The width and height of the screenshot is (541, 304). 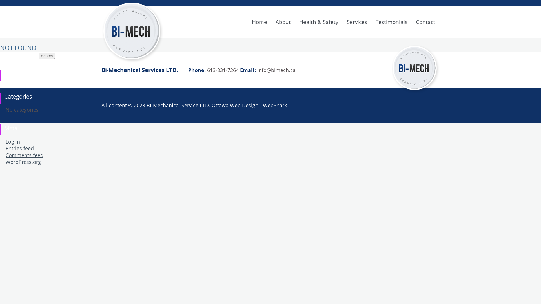 What do you see at coordinates (13, 141) in the screenshot?
I see `'Log in'` at bounding box center [13, 141].